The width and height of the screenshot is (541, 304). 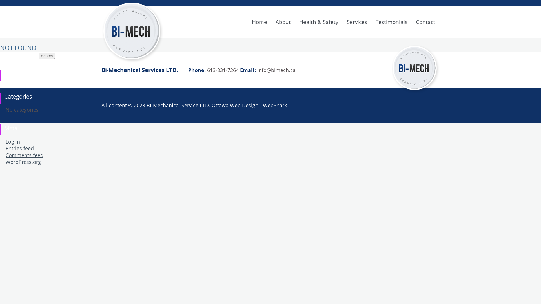 What do you see at coordinates (13, 141) in the screenshot?
I see `'Log in'` at bounding box center [13, 141].